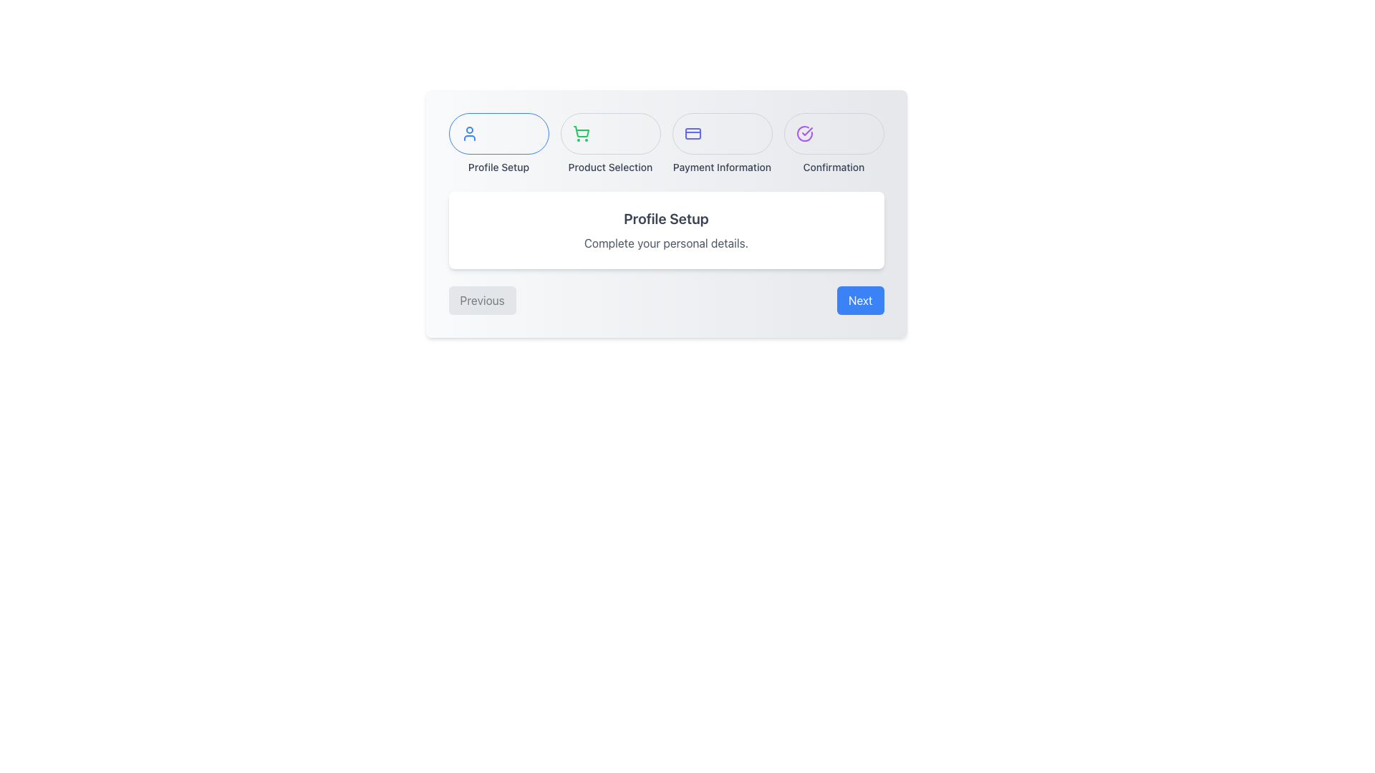 This screenshot has height=773, width=1375. I want to click on the circular purple icon with a checkmark inside it, located in the header section labeled 'Confirmation', so click(804, 133).